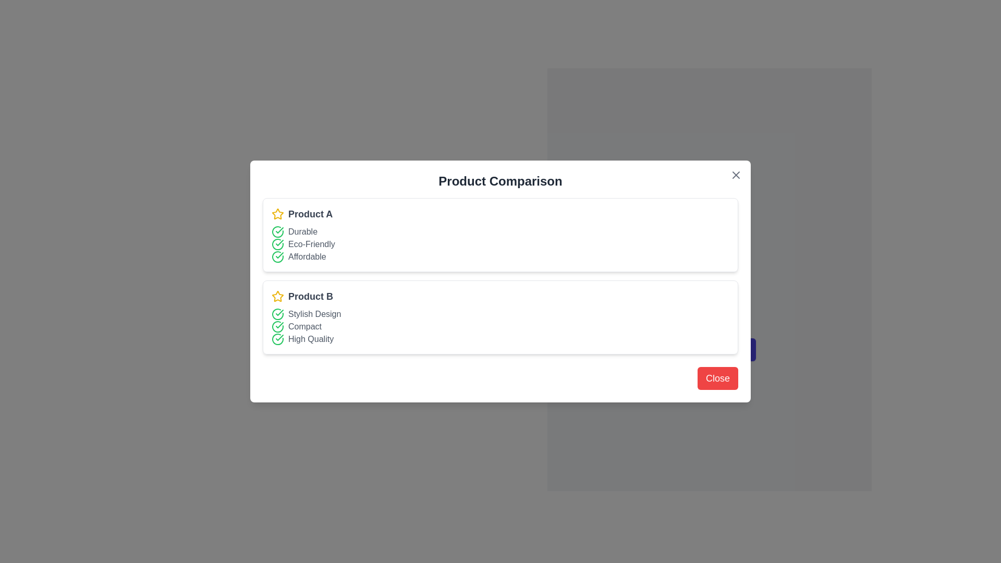  I want to click on text of the Header element that indicates the content and purpose of the dialog box for comparing products, located at the top center of the interface, so click(500, 180).